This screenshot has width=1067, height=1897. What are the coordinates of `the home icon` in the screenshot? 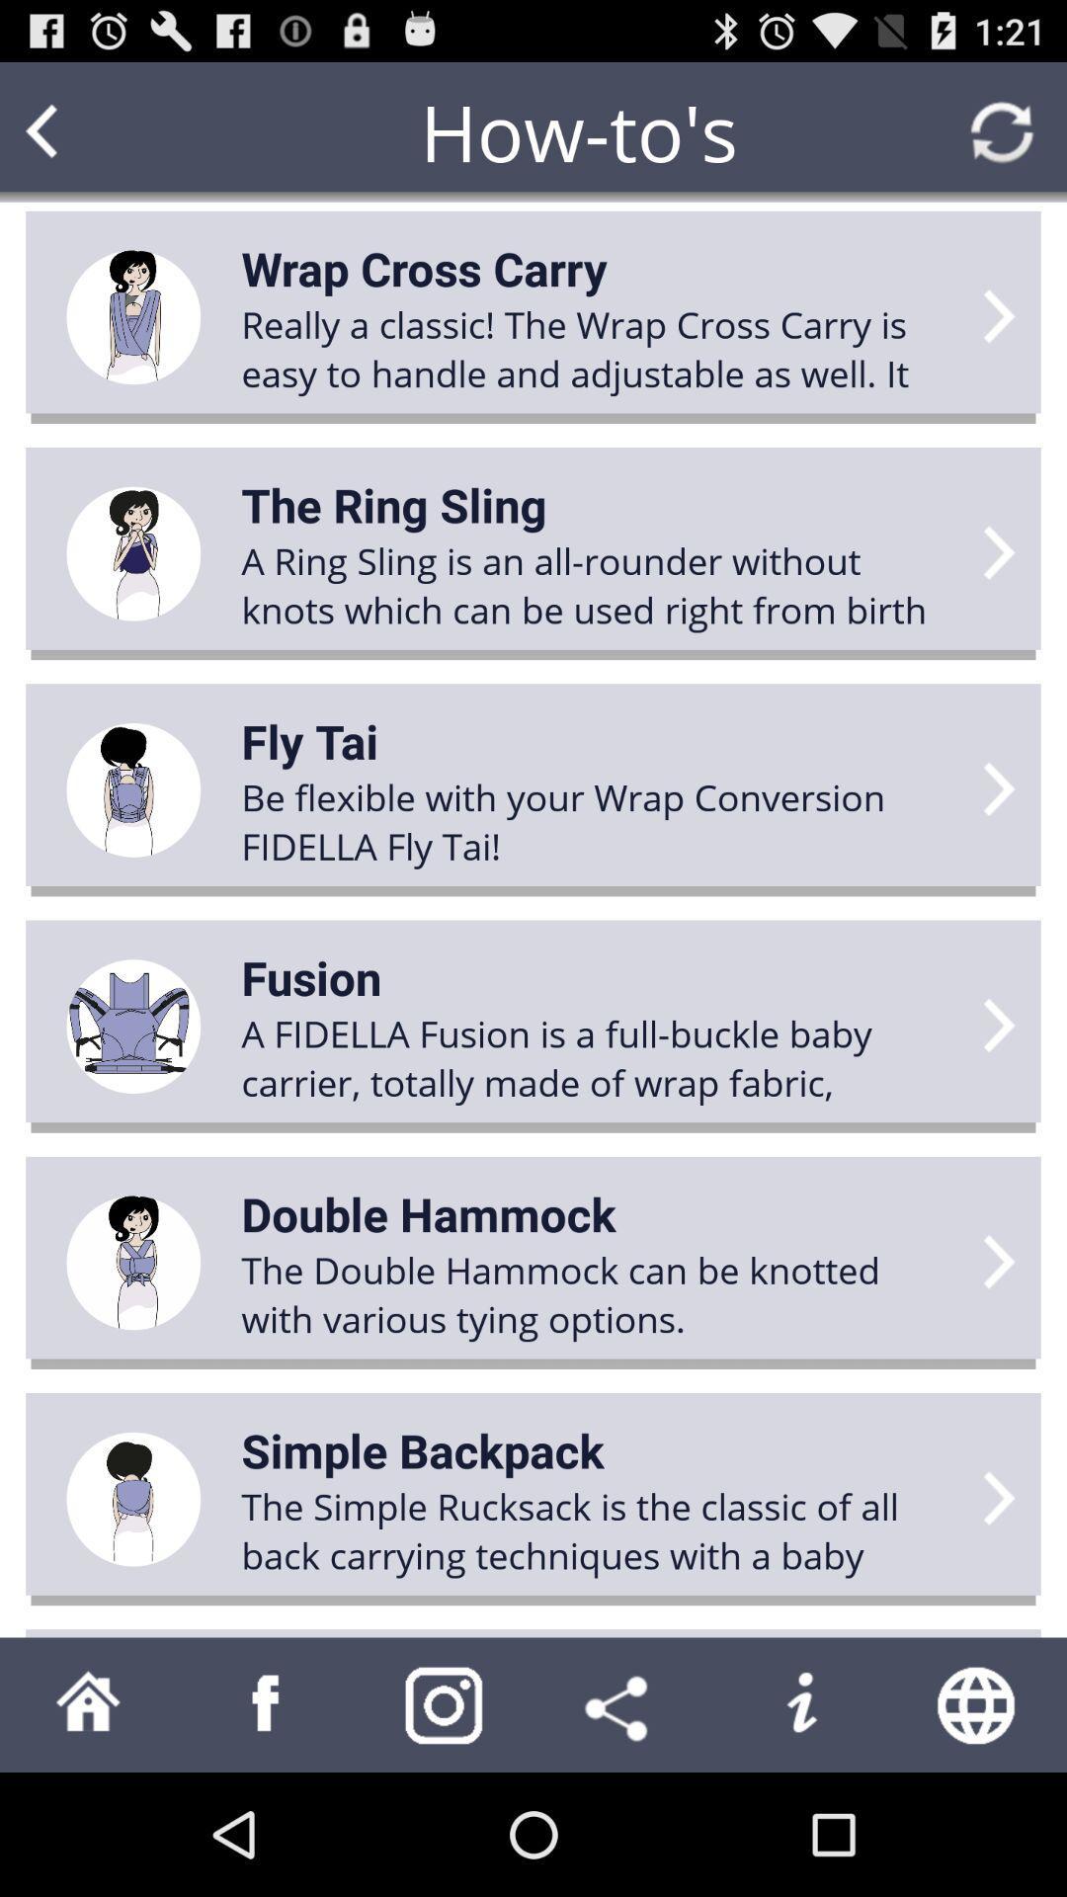 It's located at (87, 1824).